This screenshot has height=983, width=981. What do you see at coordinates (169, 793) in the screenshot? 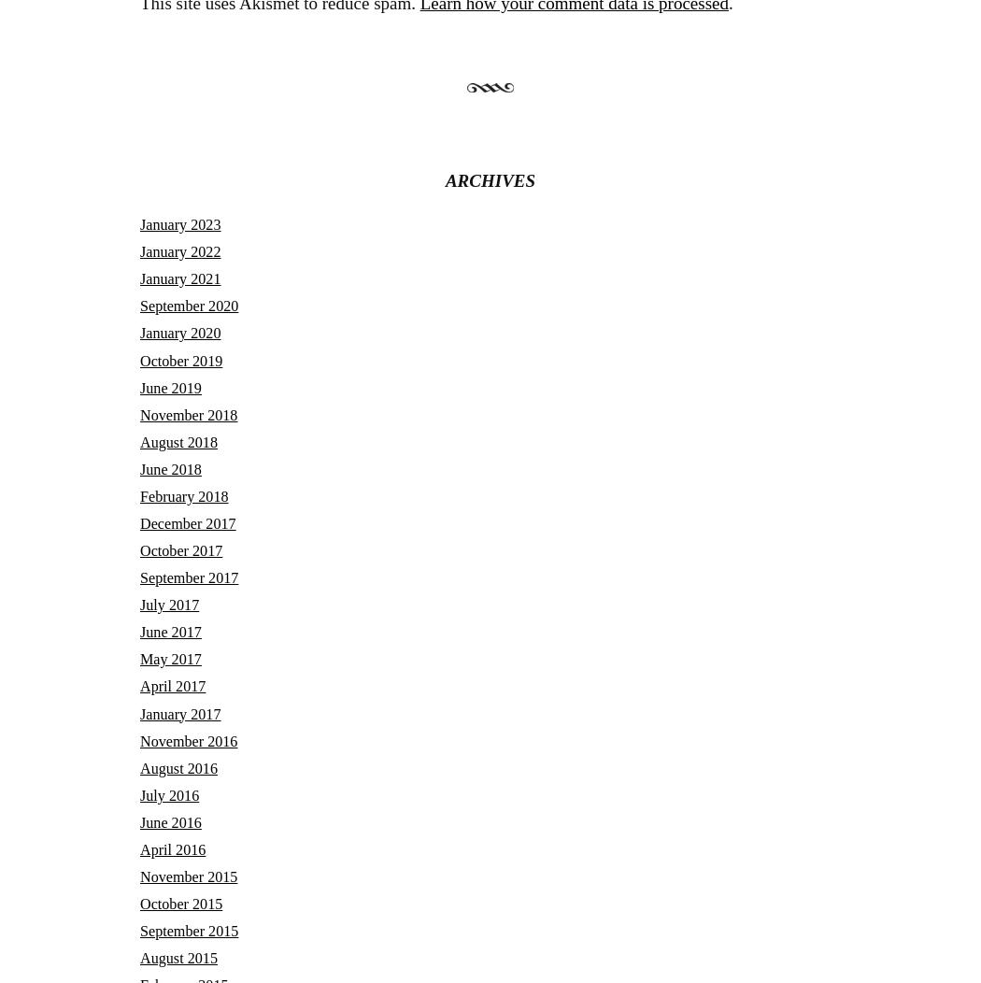
I see `'July 2016'` at bounding box center [169, 793].